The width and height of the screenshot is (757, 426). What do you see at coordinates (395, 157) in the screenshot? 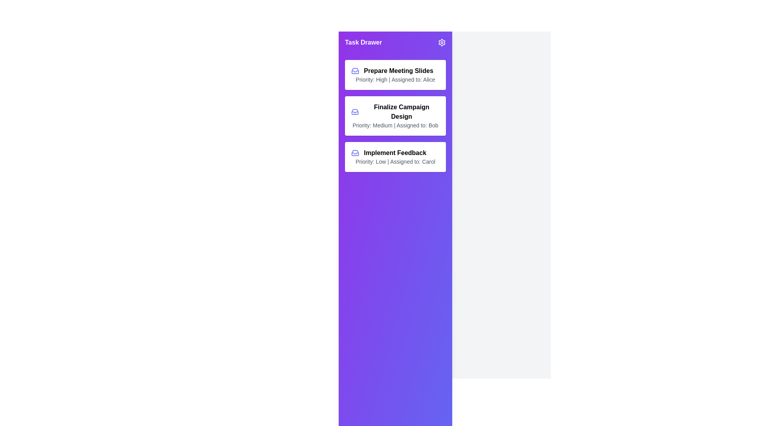
I see `the task titled 'Implement Feedback' to interact with it` at bounding box center [395, 157].